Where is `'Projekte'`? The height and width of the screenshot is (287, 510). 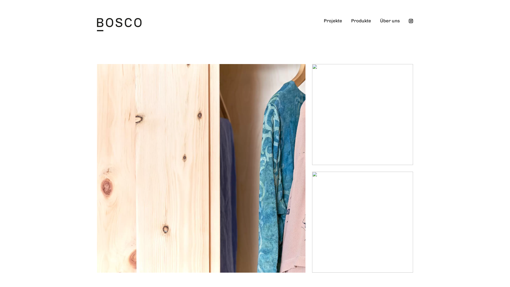 'Projekte' is located at coordinates (333, 25).